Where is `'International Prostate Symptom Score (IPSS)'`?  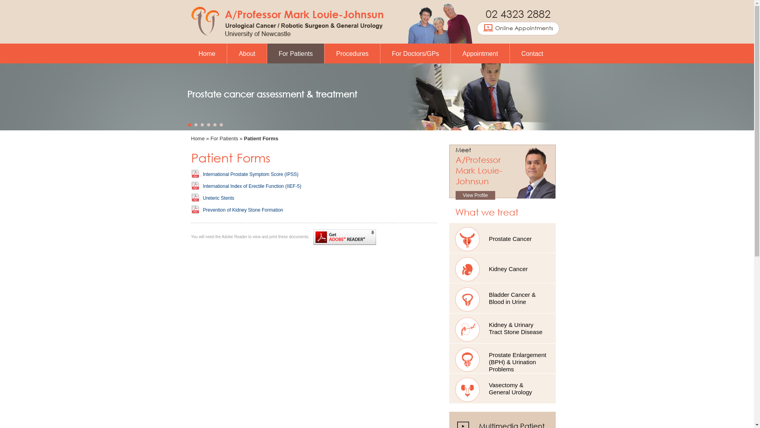
'International Prostate Symptom Score (IPSS)' is located at coordinates (203, 174).